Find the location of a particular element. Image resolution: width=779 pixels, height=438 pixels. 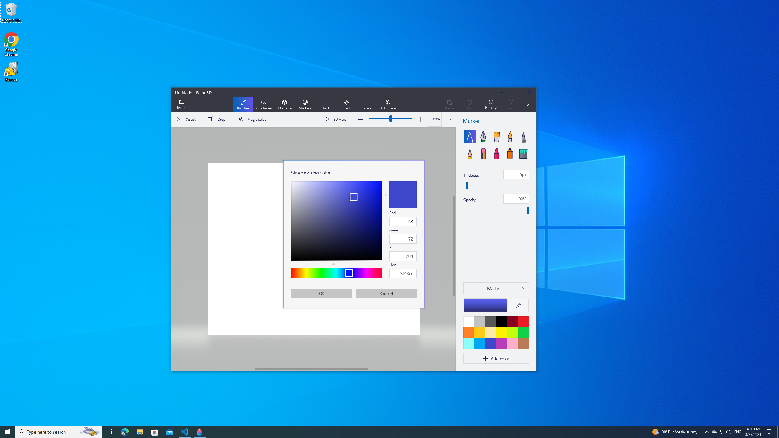

'Start' is located at coordinates (7, 431).